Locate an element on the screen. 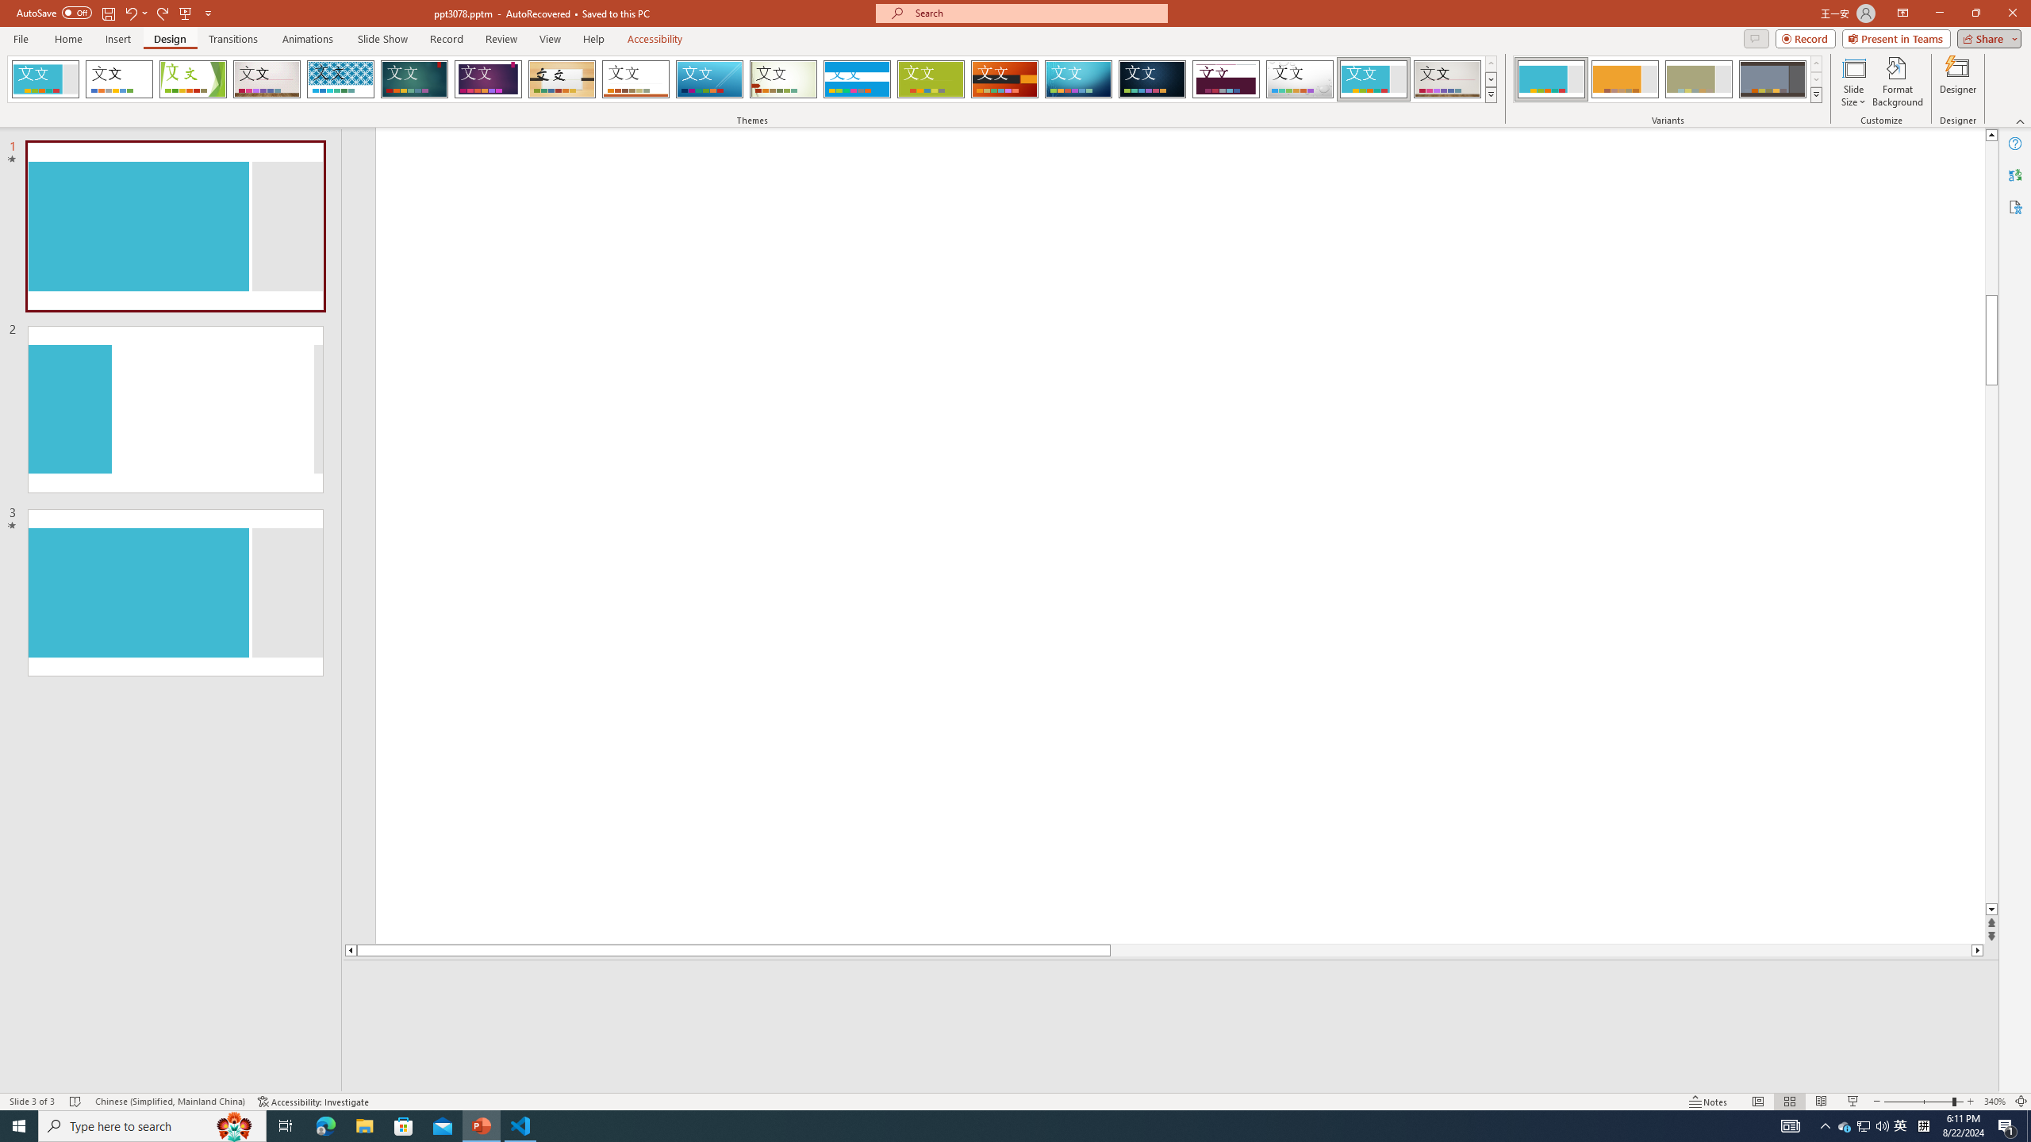 Image resolution: width=2031 pixels, height=1142 pixels. 'Frame Variant 4' is located at coordinates (1772, 79).